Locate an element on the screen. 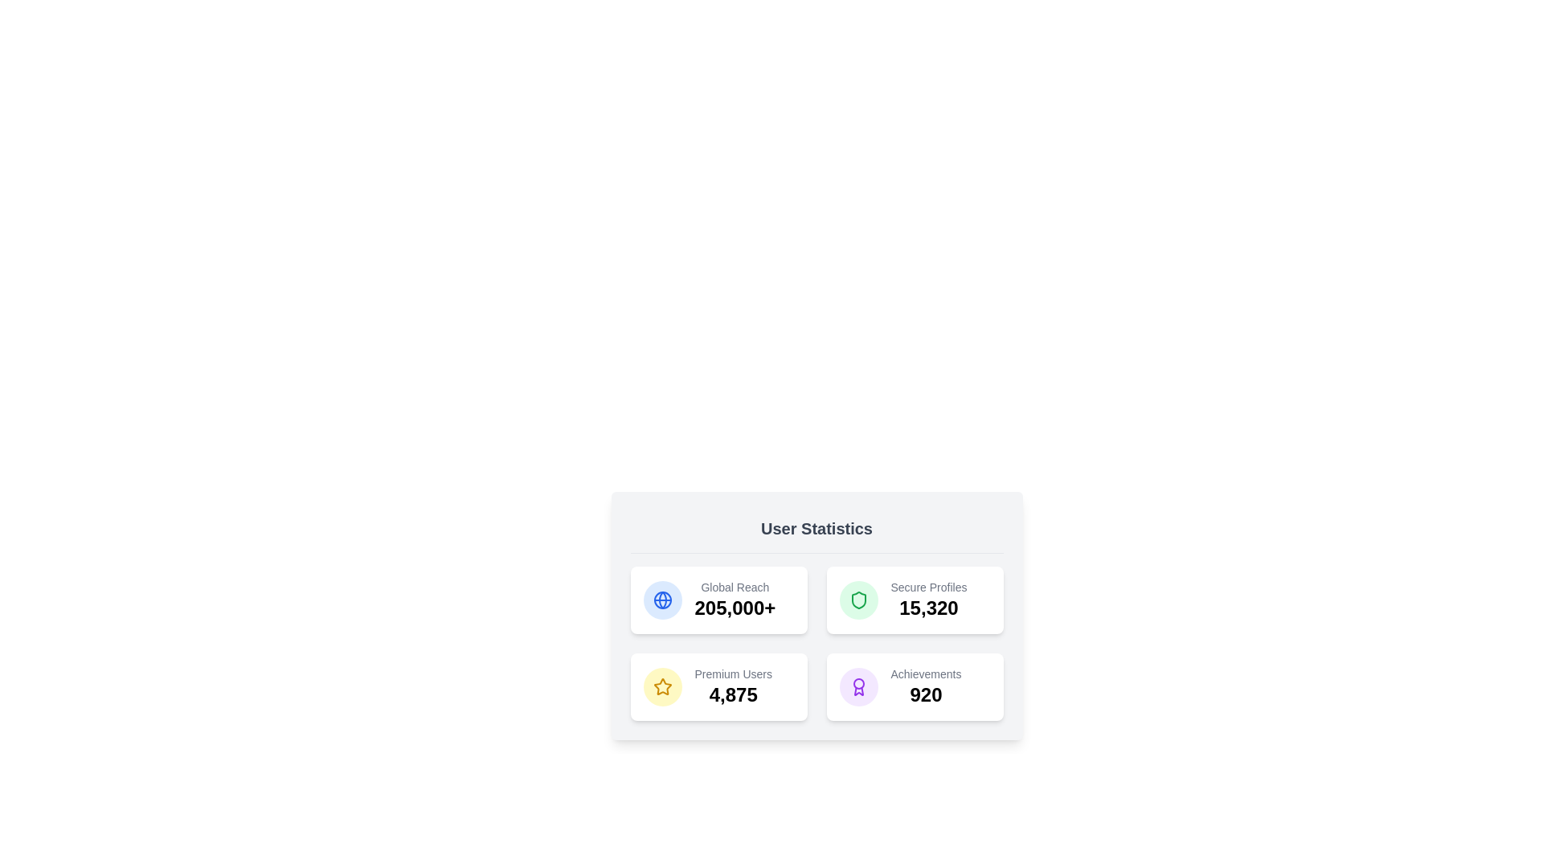 The image size is (1543, 868). text displayed in the Statistical Display that shows 'Premium Users' and the number '4,875', located in the third item of the grid within the 'User Statistics' card is located at coordinates (732, 687).